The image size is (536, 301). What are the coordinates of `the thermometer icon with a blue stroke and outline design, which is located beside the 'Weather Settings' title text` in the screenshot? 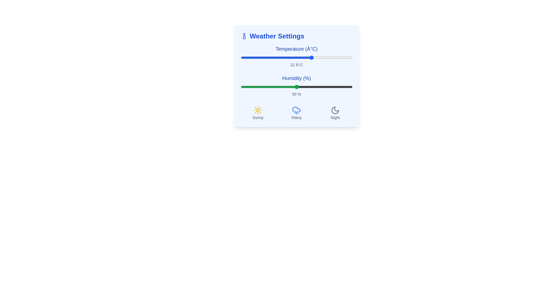 It's located at (244, 36).